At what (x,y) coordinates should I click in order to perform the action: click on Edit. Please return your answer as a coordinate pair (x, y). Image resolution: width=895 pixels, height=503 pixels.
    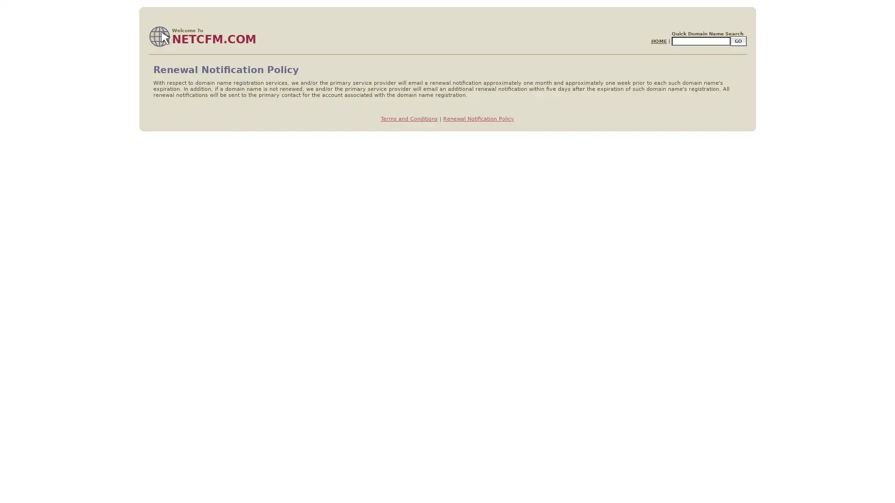
    Looking at the image, I should click on (737, 41).